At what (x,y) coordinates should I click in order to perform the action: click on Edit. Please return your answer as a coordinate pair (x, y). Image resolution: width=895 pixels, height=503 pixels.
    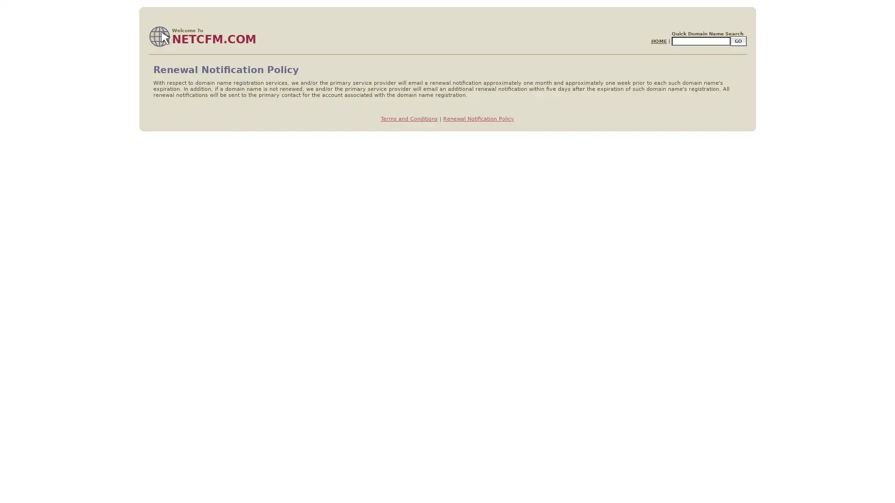
    Looking at the image, I should click on (737, 41).